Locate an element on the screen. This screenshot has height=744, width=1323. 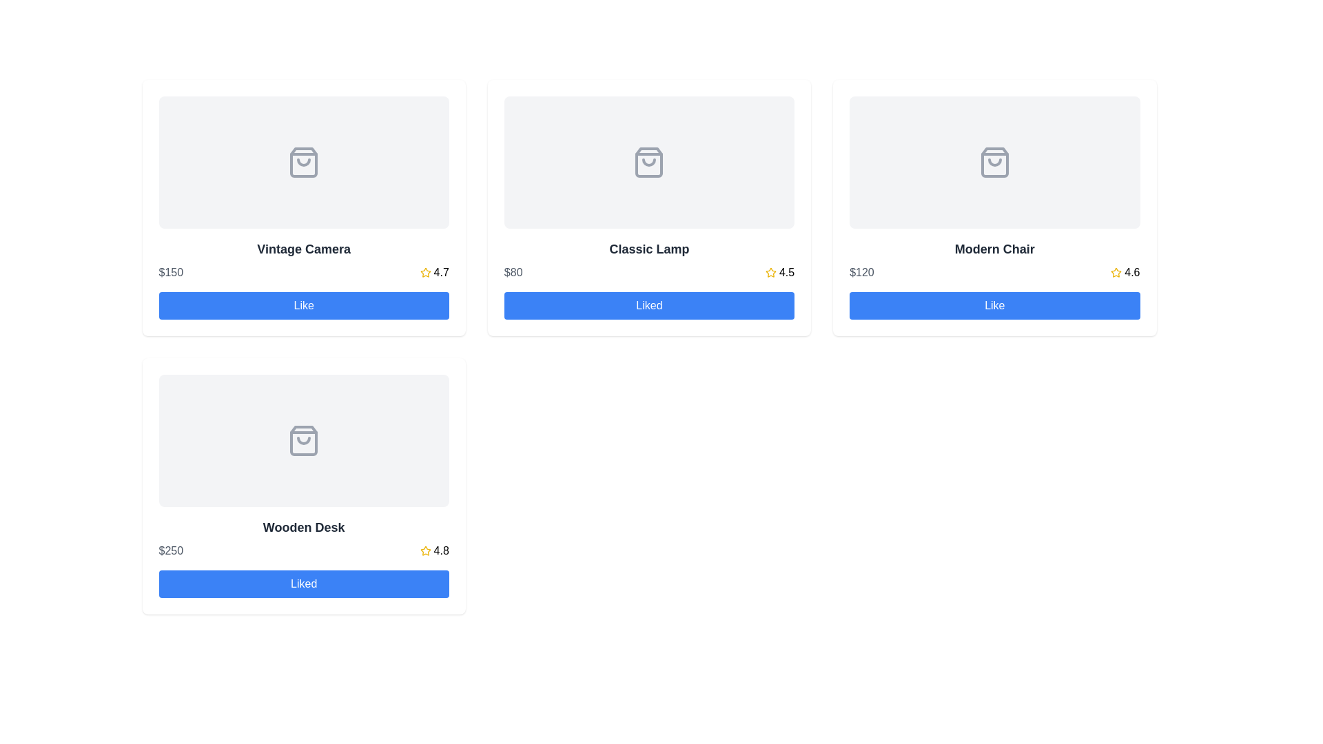
the shopping bag icon located on the third card in the top row of the grid layout, which displays details about the 'Modern Chair.' is located at coordinates (994, 161).